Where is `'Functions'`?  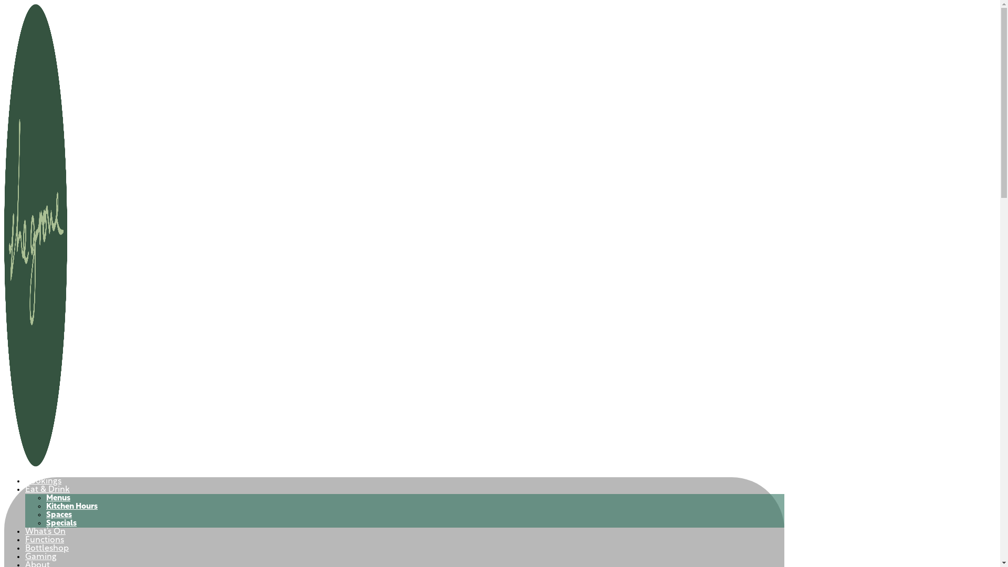 'Functions' is located at coordinates (25, 540).